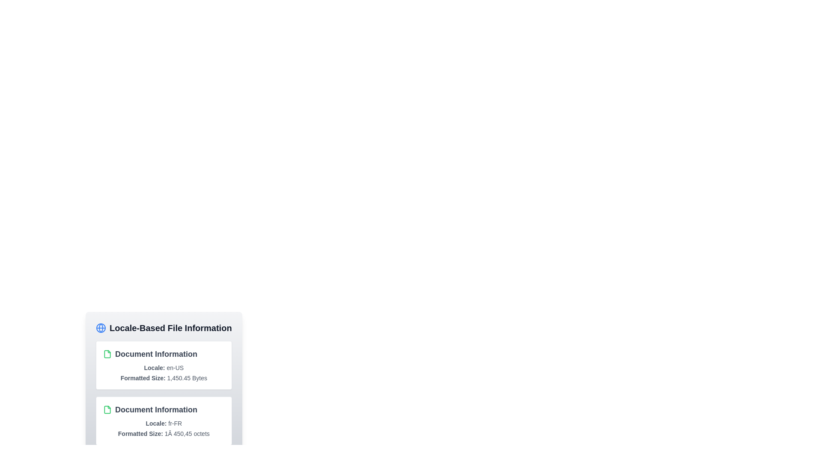 The height and width of the screenshot is (462, 822). I want to click on the details of the green file icon with rounded corners and a folded corner located to the left of 'Document Information', so click(107, 409).